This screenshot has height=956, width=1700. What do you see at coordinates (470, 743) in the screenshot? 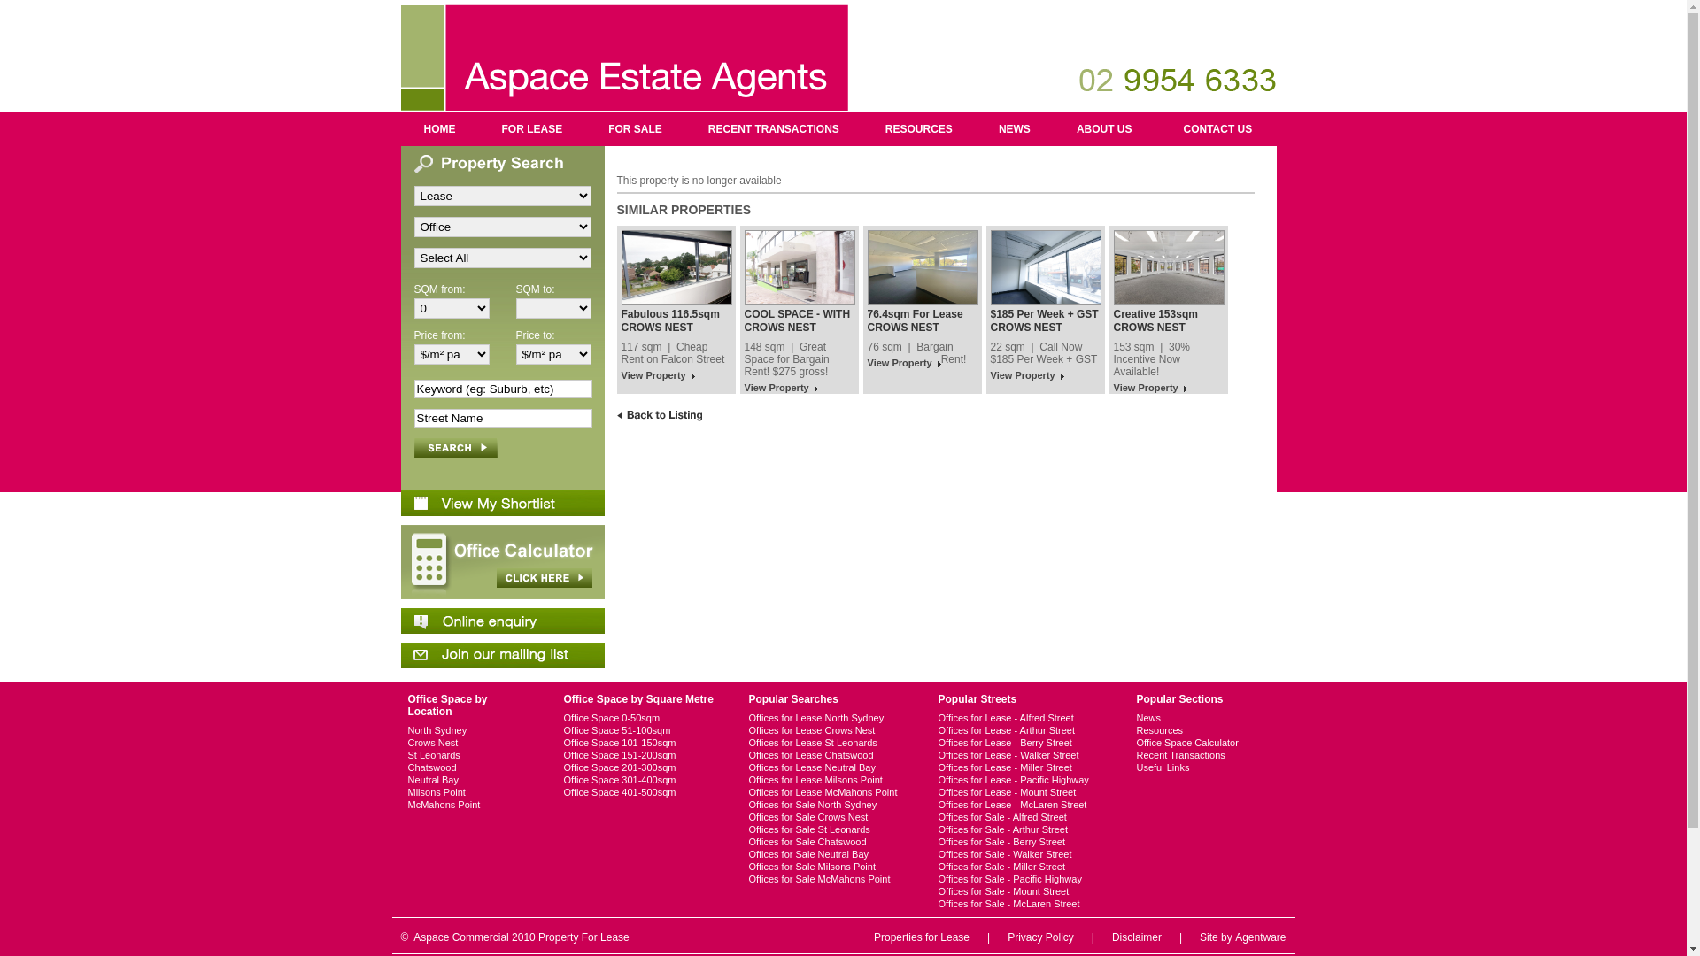
I see `'Crows Nest'` at bounding box center [470, 743].